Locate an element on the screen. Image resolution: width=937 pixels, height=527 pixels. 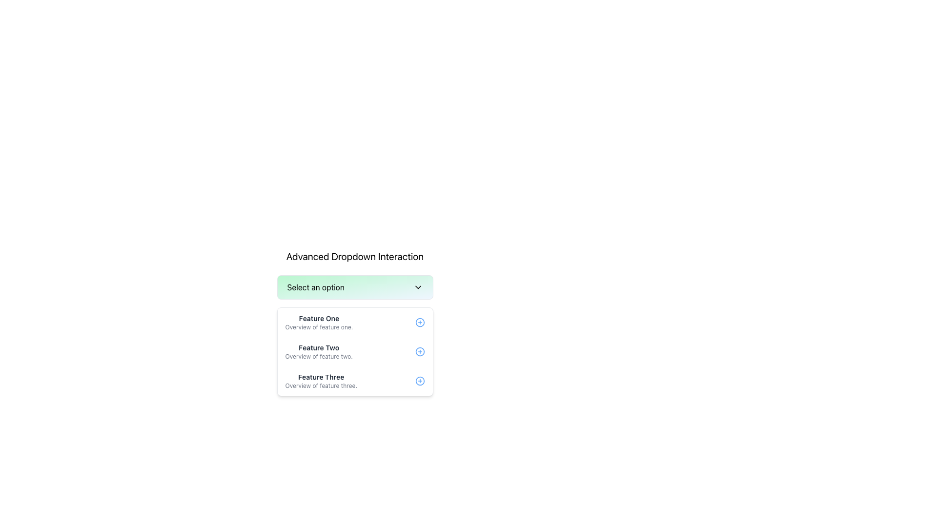
the chevron button located at the rightmost end of the 'Select an option' label is located at coordinates (418, 287).